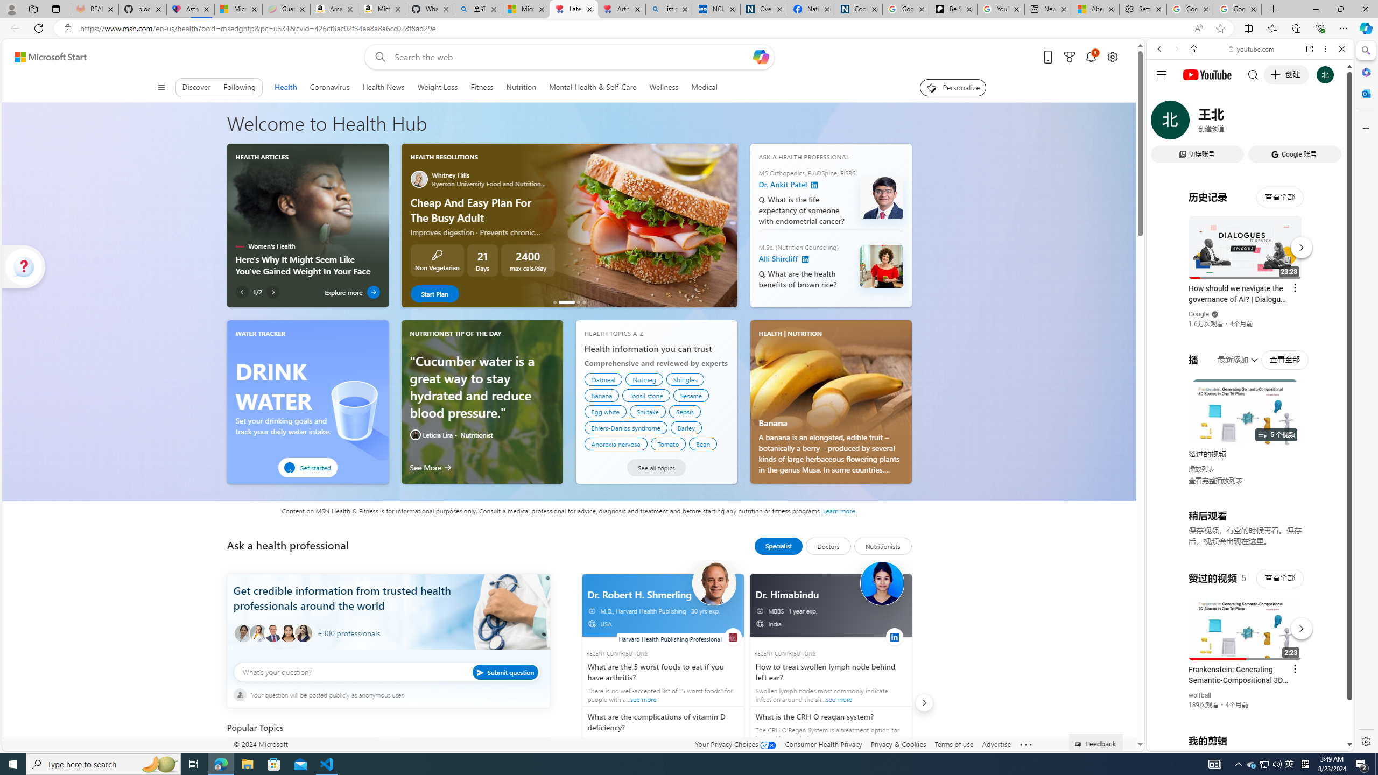 The image size is (1378, 775). I want to click on 'Side bar', so click(1366, 396).